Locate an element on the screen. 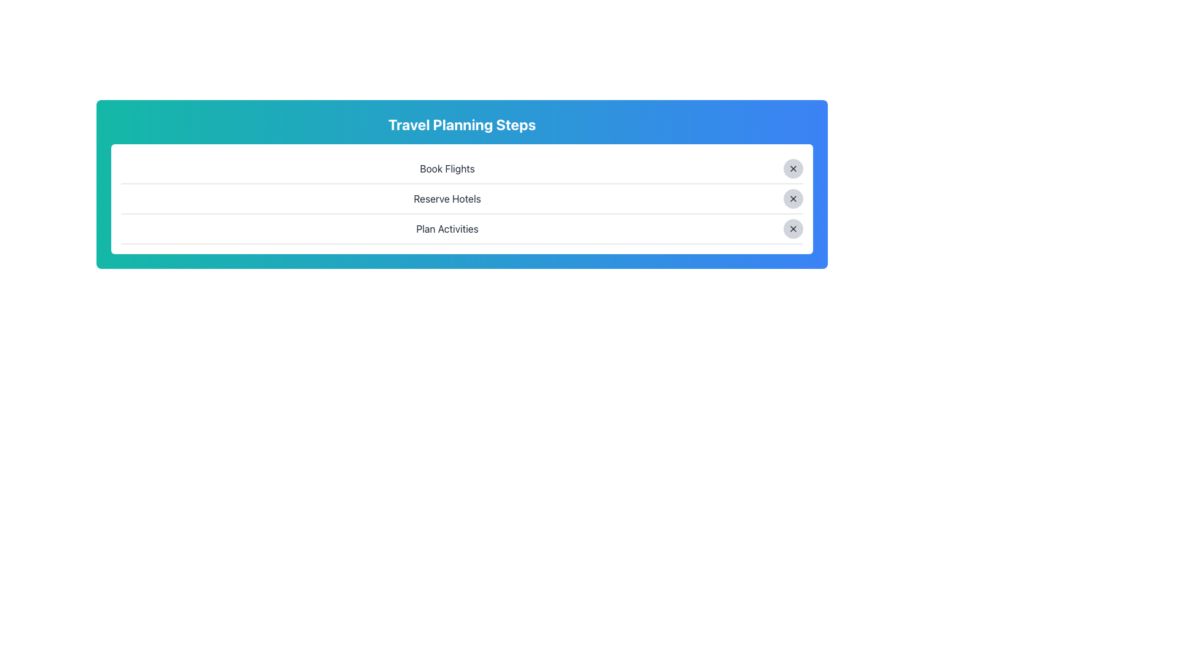 This screenshot has width=1180, height=663. the close button located at the far right of the 'Book Flights' row is located at coordinates (793, 168).